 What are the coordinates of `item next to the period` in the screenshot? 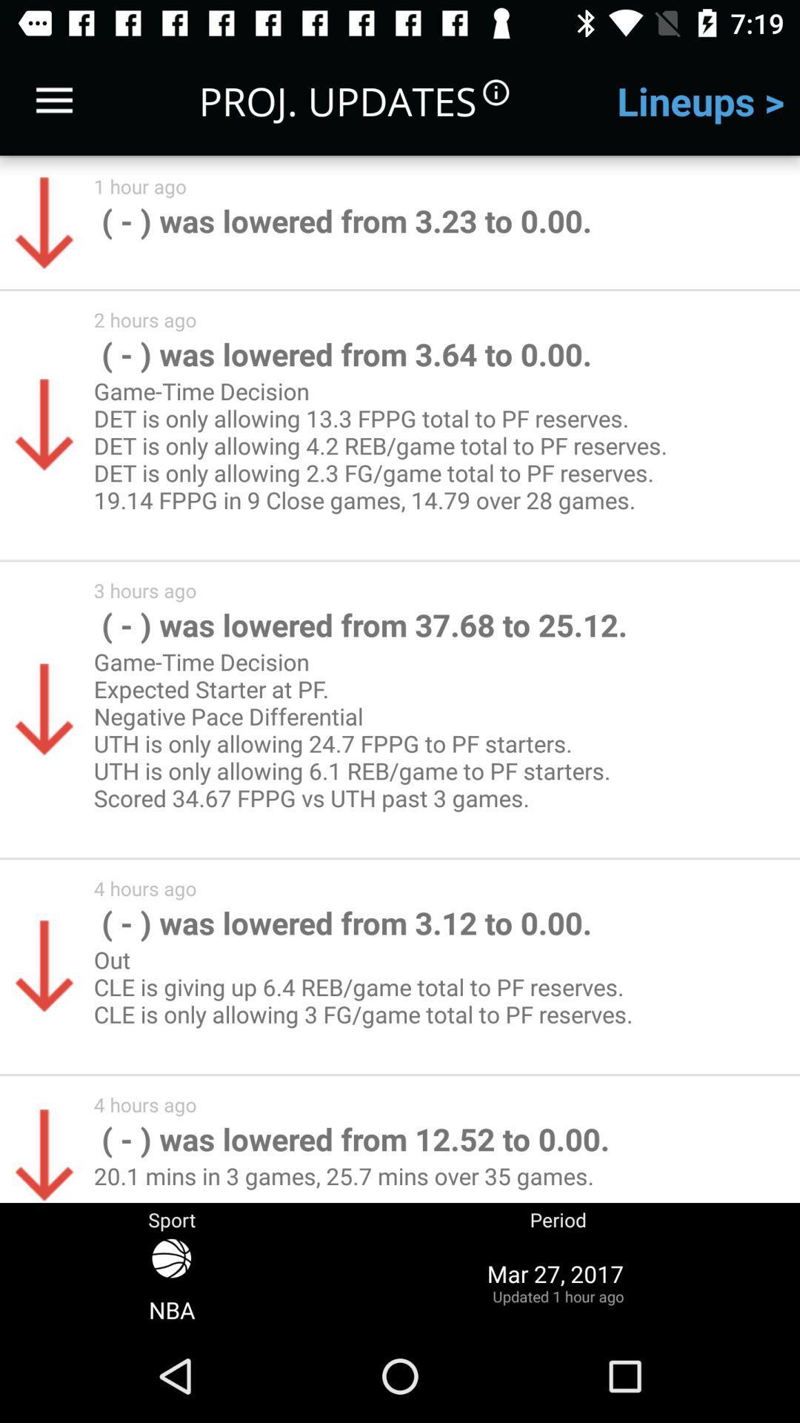 It's located at (171, 1281).